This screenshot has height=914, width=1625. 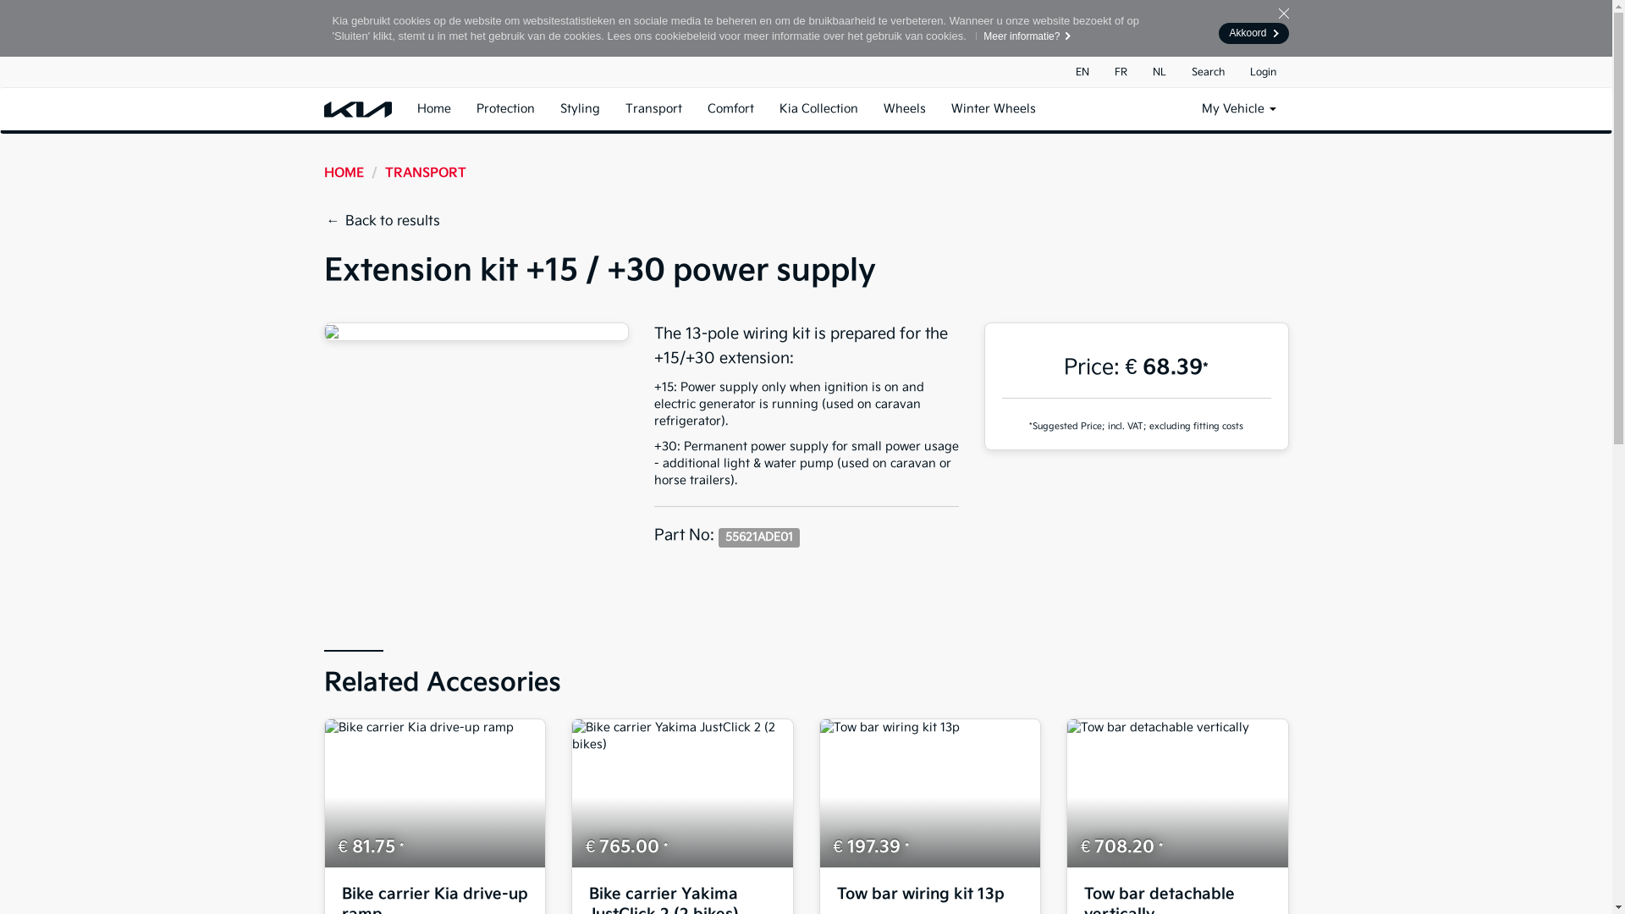 What do you see at coordinates (1187, 108) in the screenshot?
I see `'My Vehicle'` at bounding box center [1187, 108].